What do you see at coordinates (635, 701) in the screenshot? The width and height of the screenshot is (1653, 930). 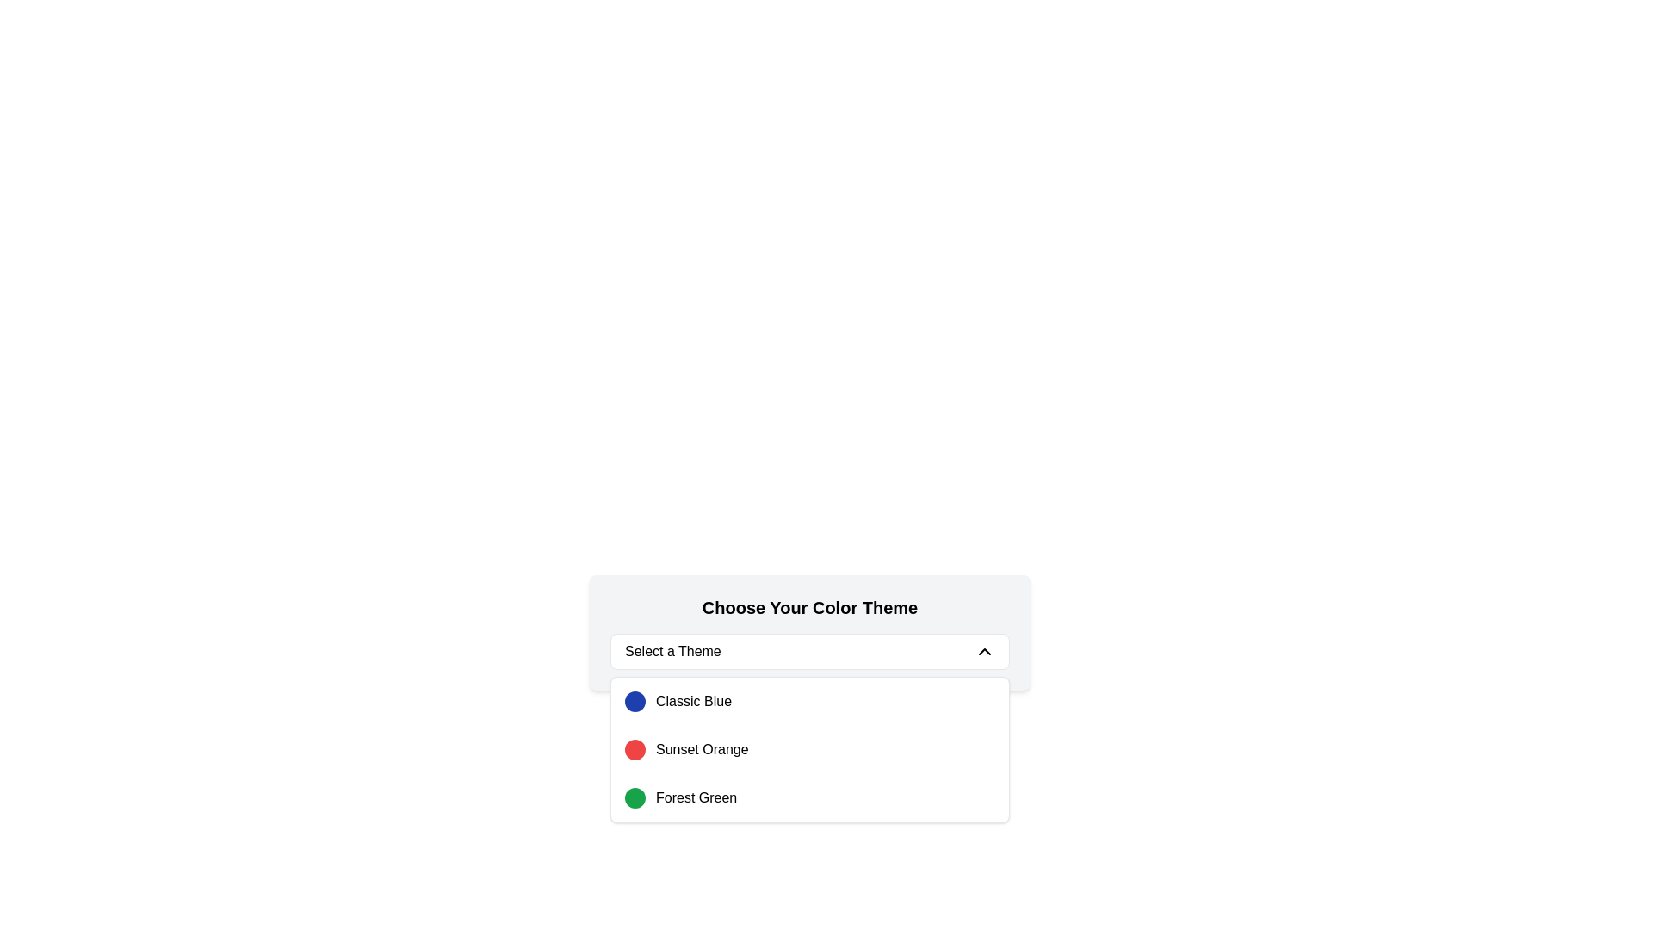 I see `the deep blue circular color indicator element located in the dropdown options under 'Choose Your Color Theme', aligned to the left of the label 'Classic Blue'` at bounding box center [635, 701].